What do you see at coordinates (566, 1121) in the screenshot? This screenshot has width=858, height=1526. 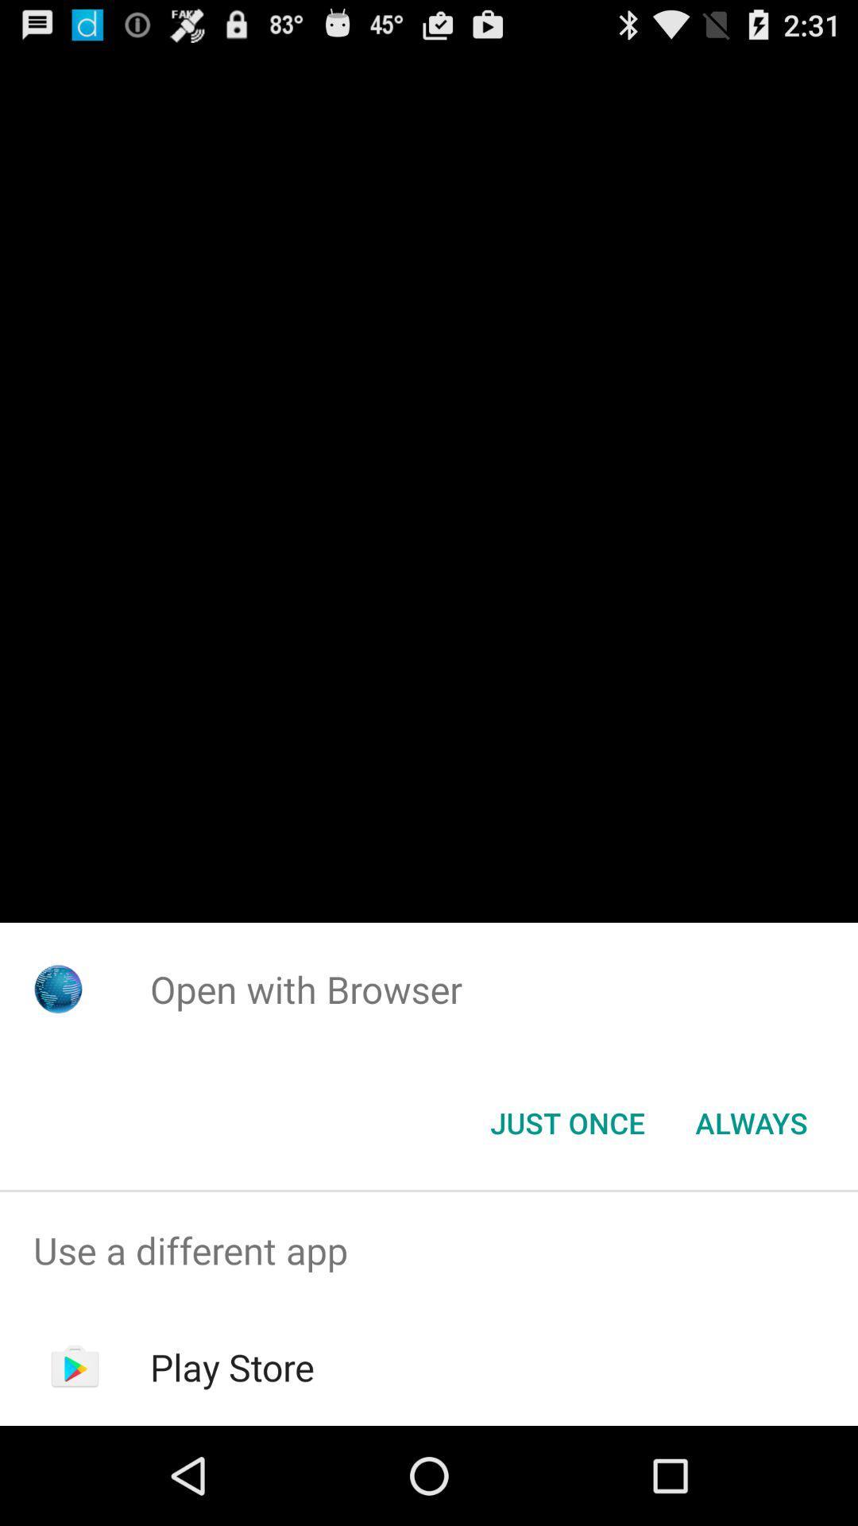 I see `the just once button` at bounding box center [566, 1121].